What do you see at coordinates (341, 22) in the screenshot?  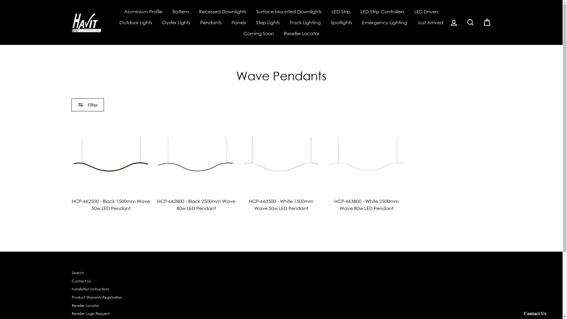 I see `'Spotlights'` at bounding box center [341, 22].